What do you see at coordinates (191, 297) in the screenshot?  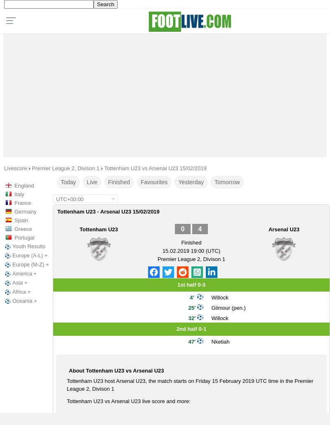 I see `'4''` at bounding box center [191, 297].